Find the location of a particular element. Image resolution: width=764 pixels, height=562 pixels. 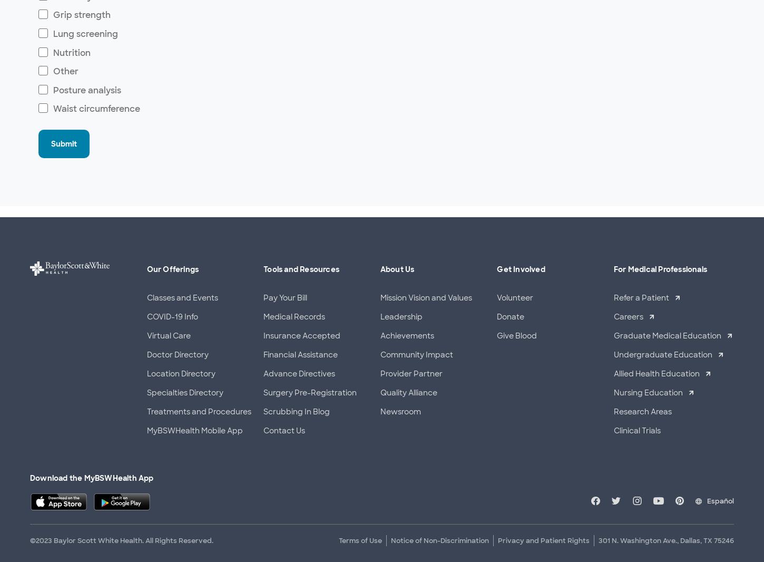

'Volunteer' is located at coordinates (515, 297).